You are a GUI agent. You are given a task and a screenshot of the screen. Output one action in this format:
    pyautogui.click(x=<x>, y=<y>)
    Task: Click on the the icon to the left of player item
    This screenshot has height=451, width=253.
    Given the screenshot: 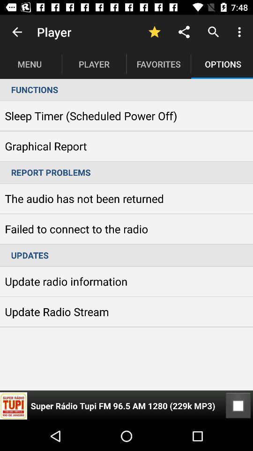 What is the action you would take?
    pyautogui.click(x=17, y=32)
    